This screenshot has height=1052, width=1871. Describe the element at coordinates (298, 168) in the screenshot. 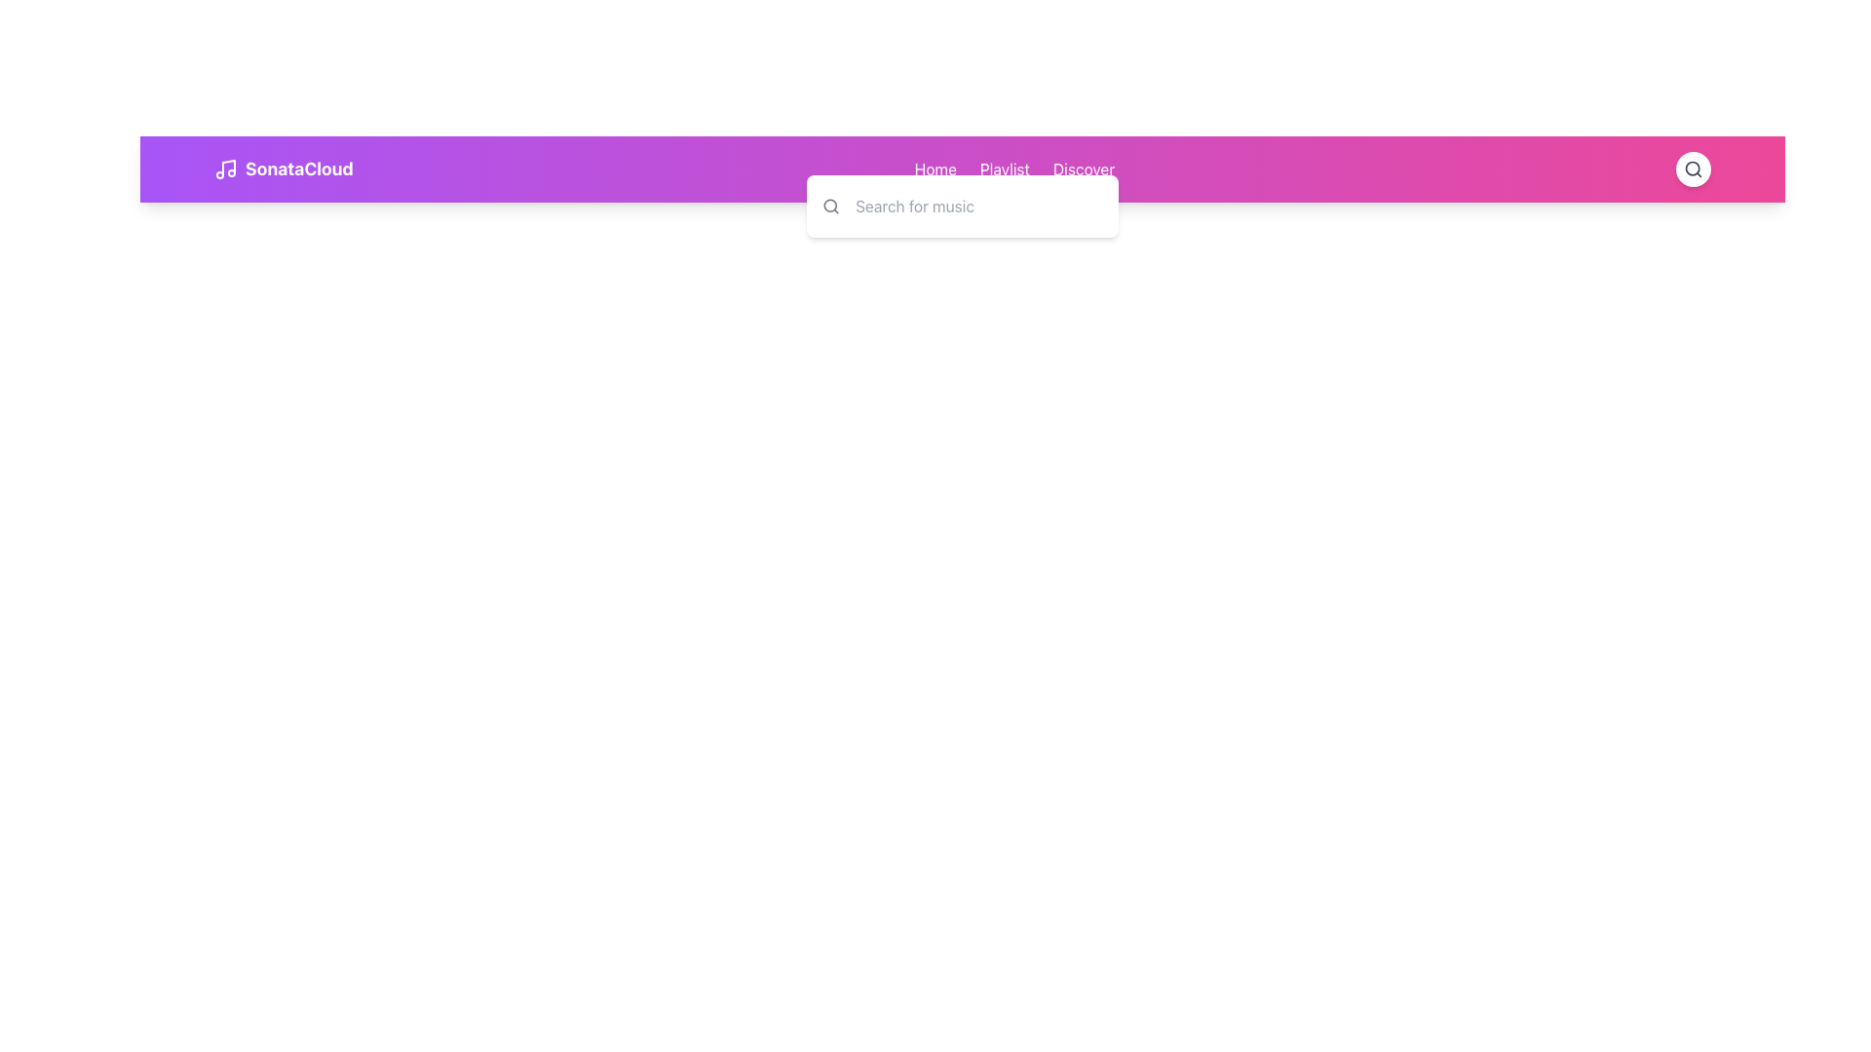

I see `the text label 'SonataCloud' which is in bold, large font, located next to a musical note icon on a gradient background` at that location.